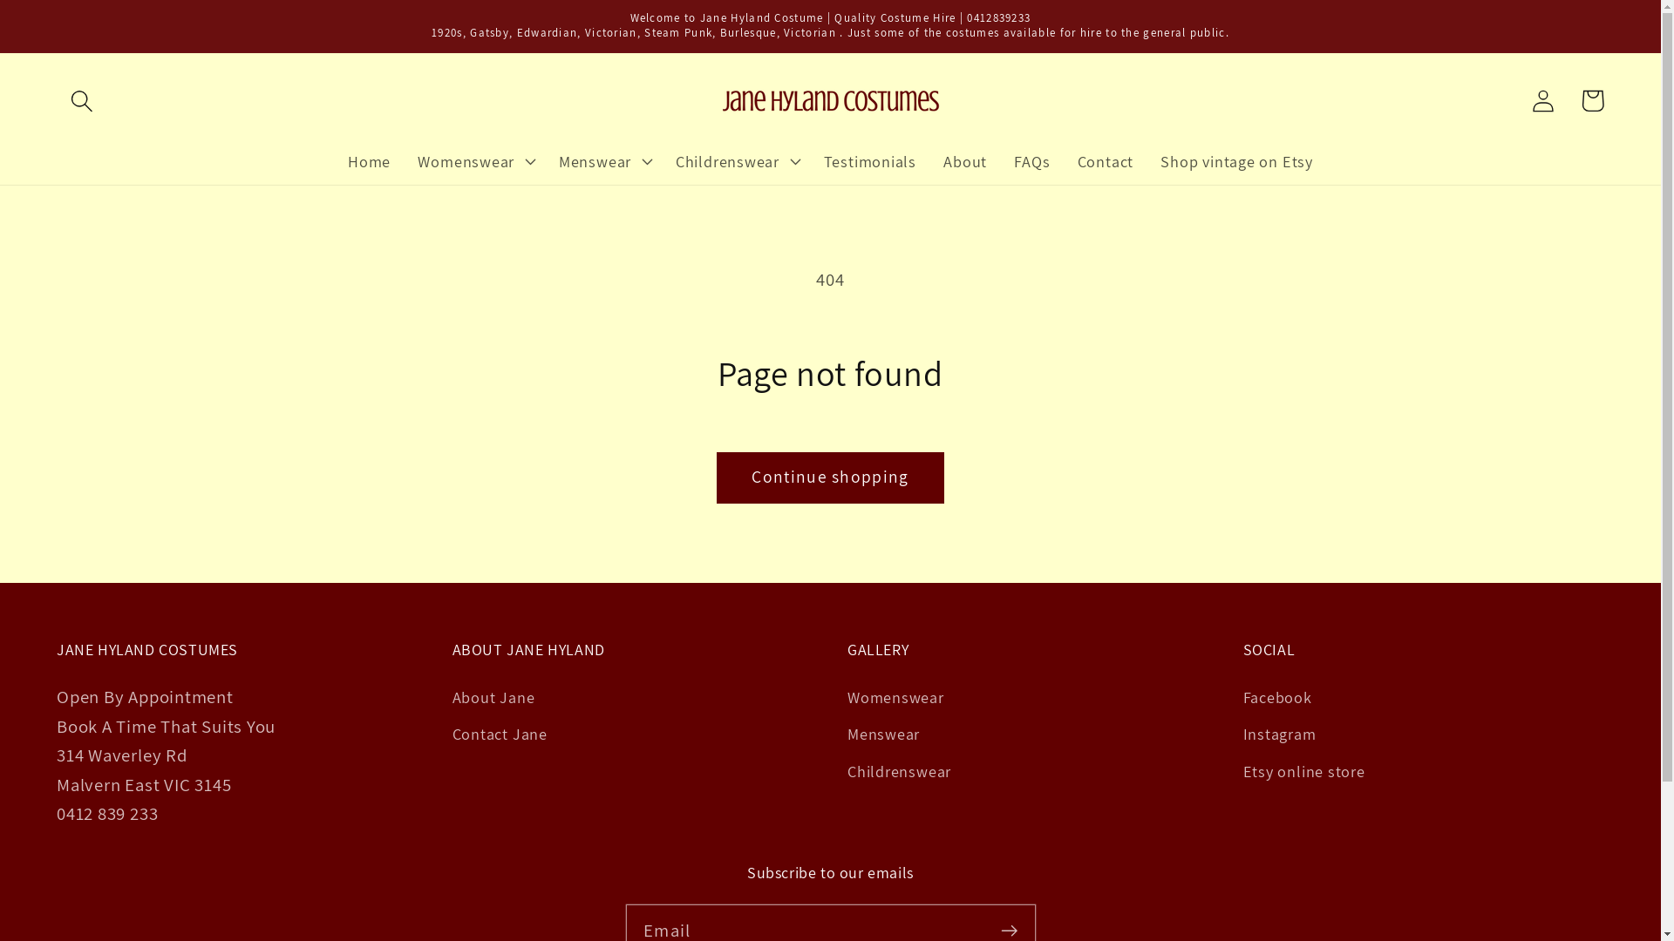 The image size is (1674, 941). I want to click on 'Continue shopping', so click(828, 477).